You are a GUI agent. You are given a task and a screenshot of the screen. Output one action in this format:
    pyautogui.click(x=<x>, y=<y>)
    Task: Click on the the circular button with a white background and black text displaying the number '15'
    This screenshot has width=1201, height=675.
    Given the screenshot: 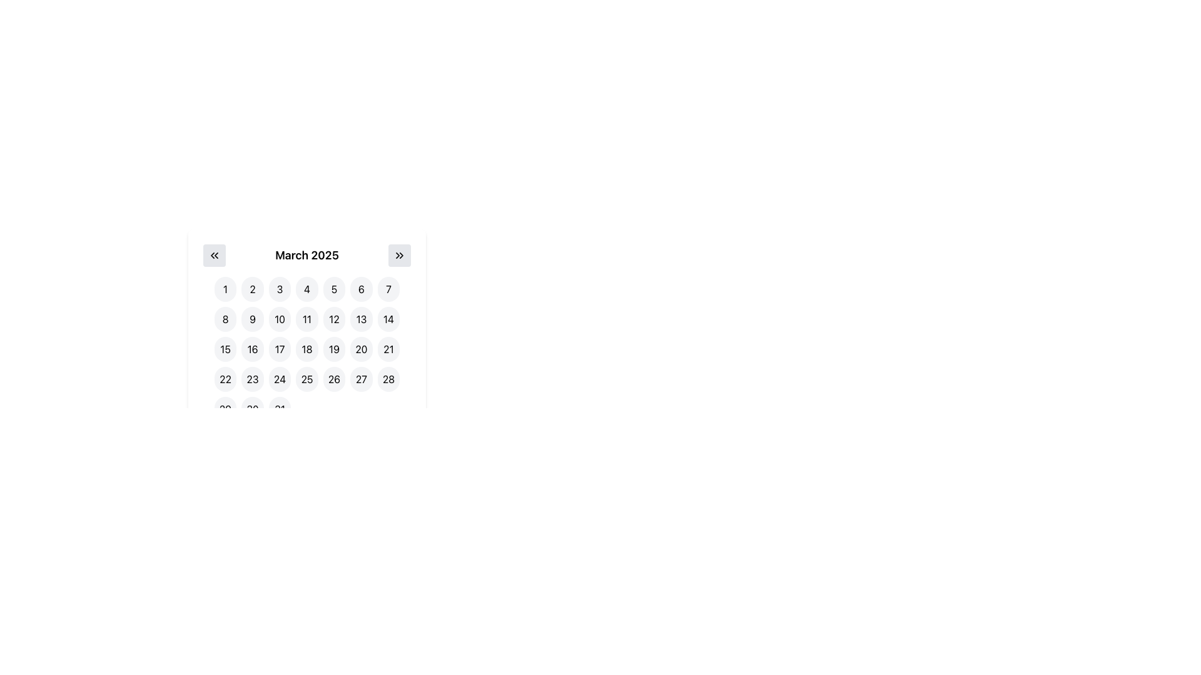 What is the action you would take?
    pyautogui.click(x=225, y=349)
    